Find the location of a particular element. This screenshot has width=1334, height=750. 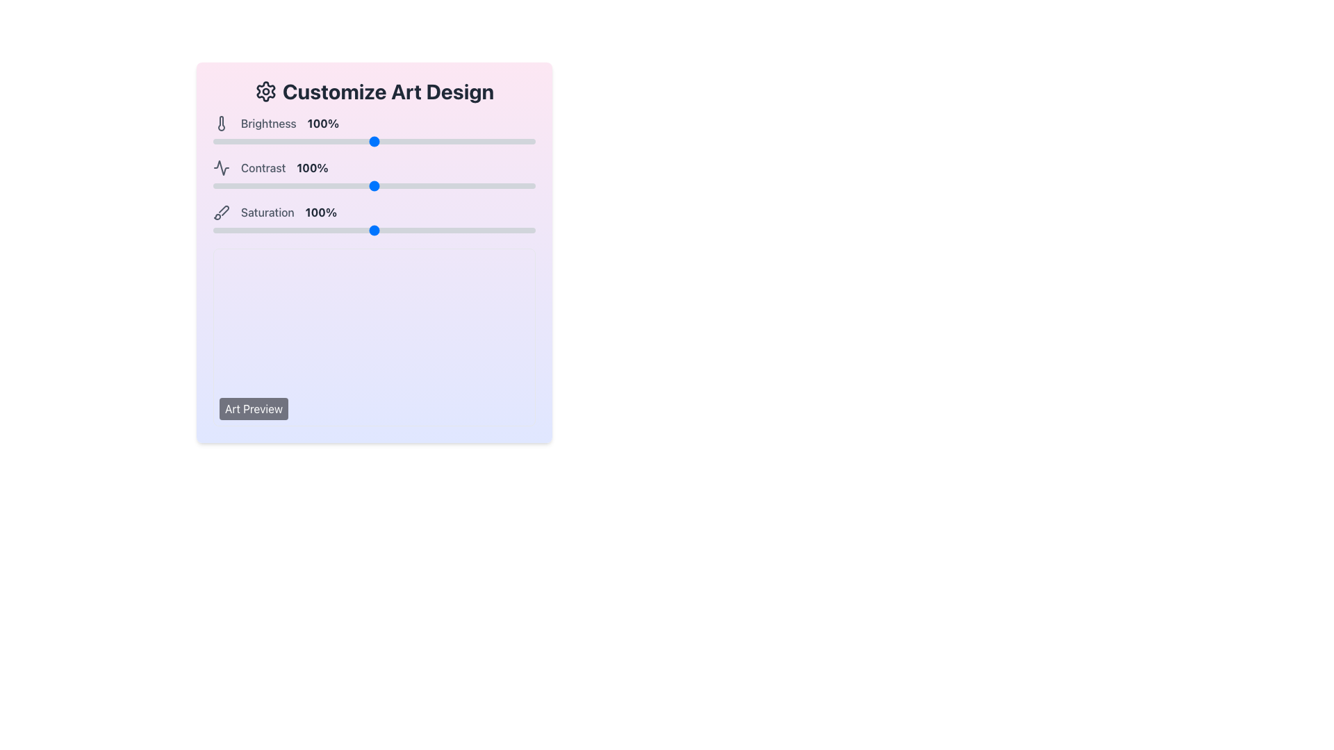

the brightness level is located at coordinates (317, 142).